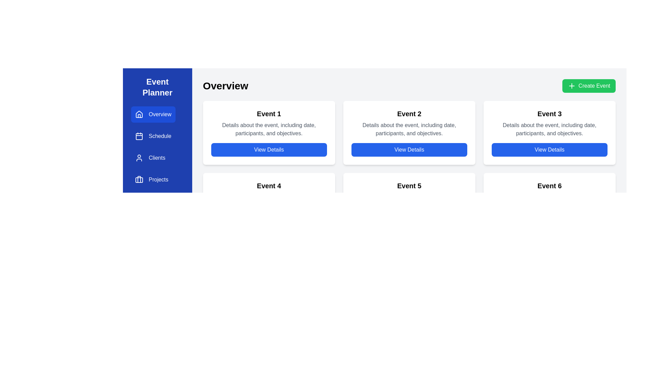  Describe the element at coordinates (139, 136) in the screenshot. I see `the calendar icon with a blue background and white outline, located to the left of the 'Schedule' text in the vertical navigation menu` at that location.